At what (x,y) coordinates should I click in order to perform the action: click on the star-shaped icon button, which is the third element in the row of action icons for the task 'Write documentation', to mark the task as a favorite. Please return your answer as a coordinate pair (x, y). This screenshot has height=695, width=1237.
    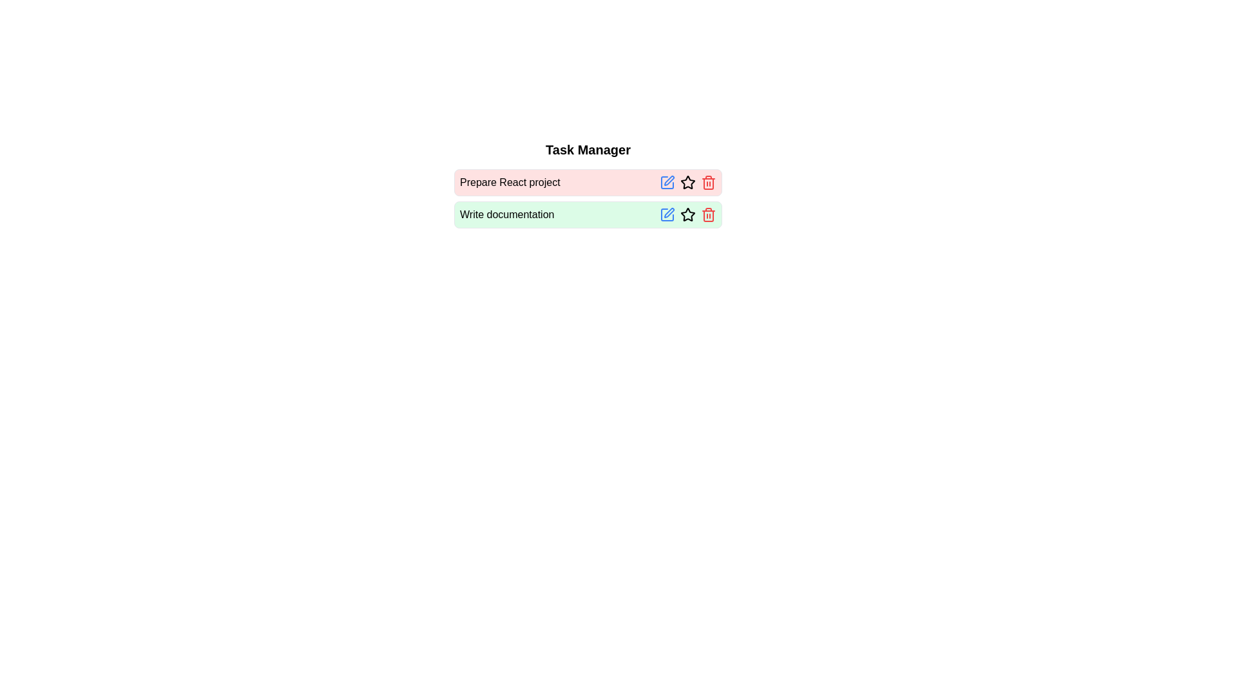
    Looking at the image, I should click on (687, 214).